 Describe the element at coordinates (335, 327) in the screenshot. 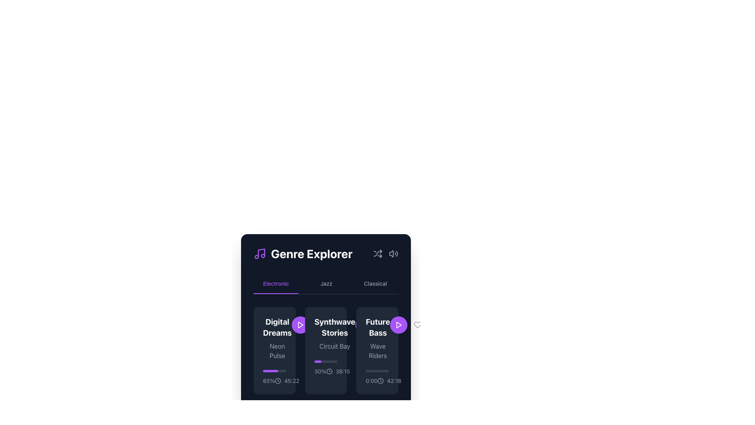

I see `text displayed in bold, extra-large white font that says 'Synthwave Stories' located in the center column of the 'Genre Explorer' interface` at that location.